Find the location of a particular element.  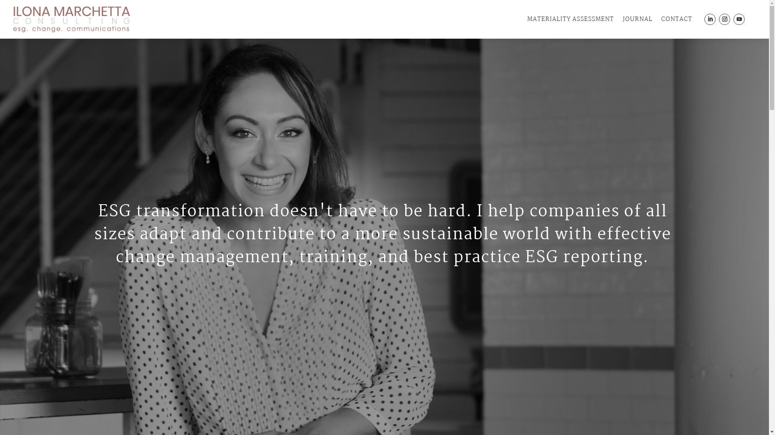

'JOURNAL' is located at coordinates (637, 19).